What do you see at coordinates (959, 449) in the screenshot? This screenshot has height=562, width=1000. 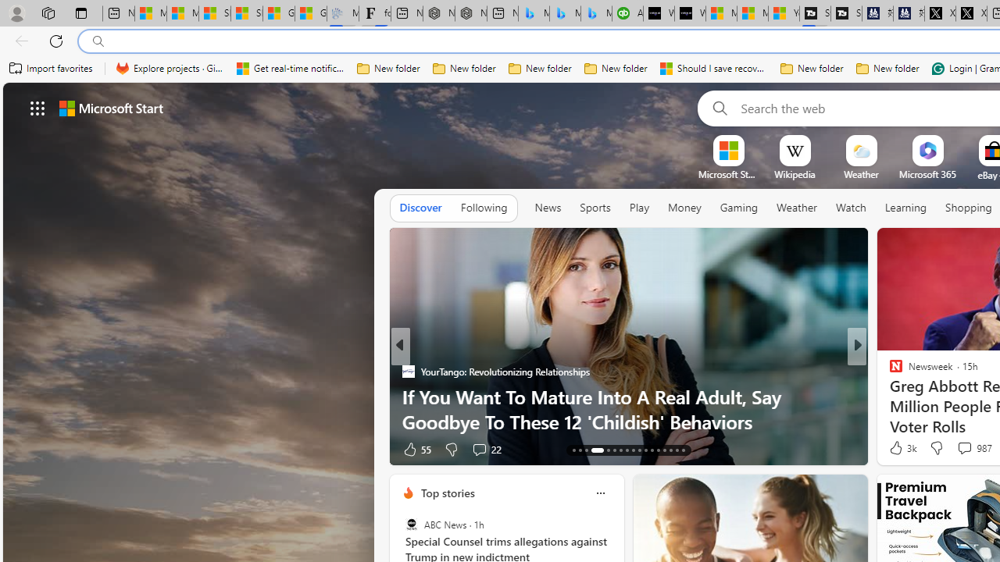 I see `'View comments 1 Comment'` at bounding box center [959, 449].